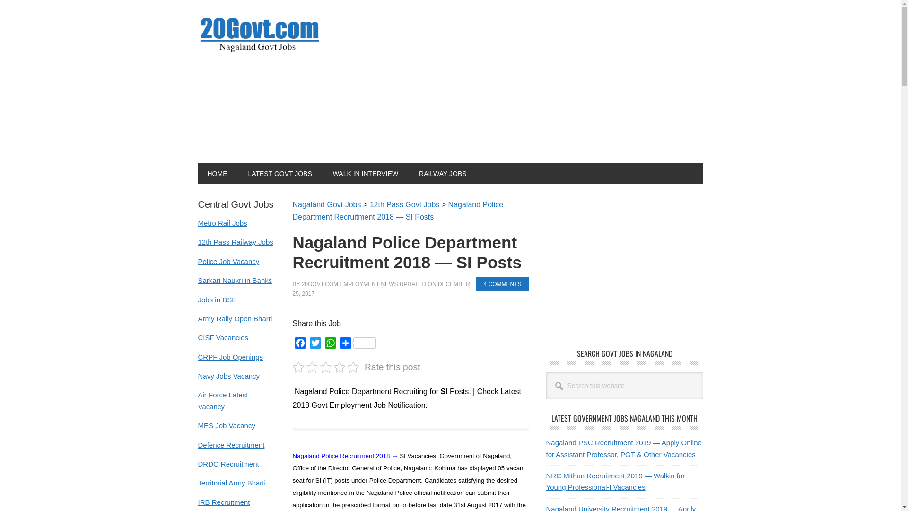  What do you see at coordinates (409, 173) in the screenshot?
I see `'RAILWAY JOBS'` at bounding box center [409, 173].